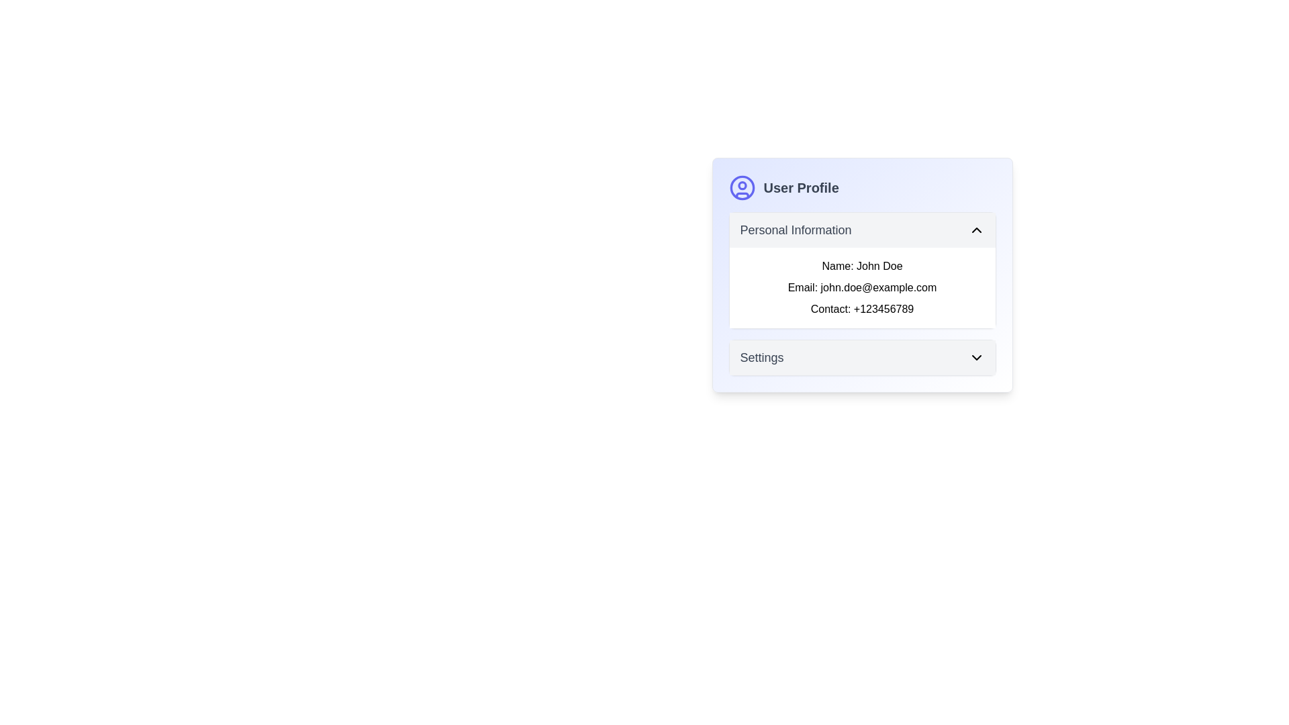 This screenshot has height=725, width=1289. I want to click on the text block containing the personal information of the user, which includes 'Name: John Doe', 'Email: john.doe@example.com', and 'Contact: +123456789'. This text block is located below the 'Personal Information' heading in a user profile interface, so click(862, 287).